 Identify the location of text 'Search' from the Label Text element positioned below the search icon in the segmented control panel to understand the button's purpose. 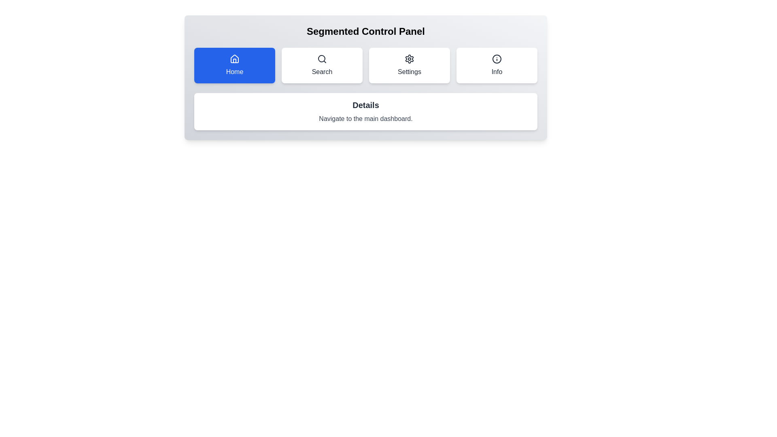
(322, 71).